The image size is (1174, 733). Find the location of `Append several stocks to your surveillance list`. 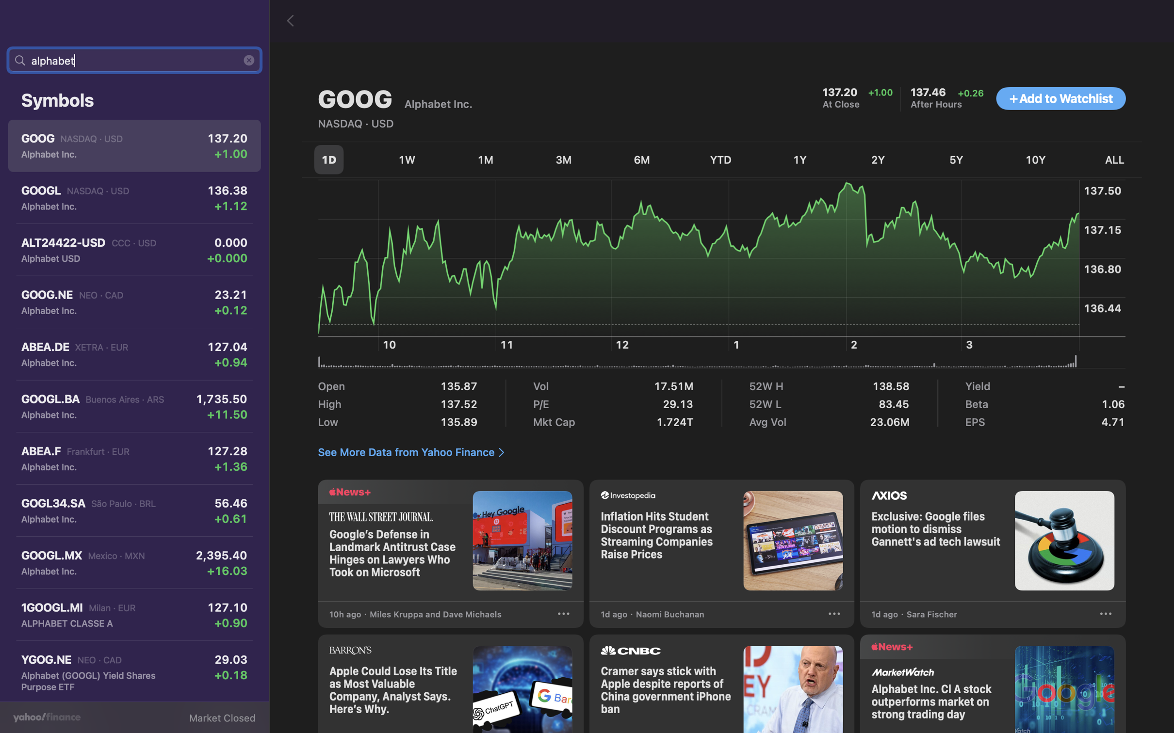

Append several stocks to your surveillance list is located at coordinates (1060, 99).